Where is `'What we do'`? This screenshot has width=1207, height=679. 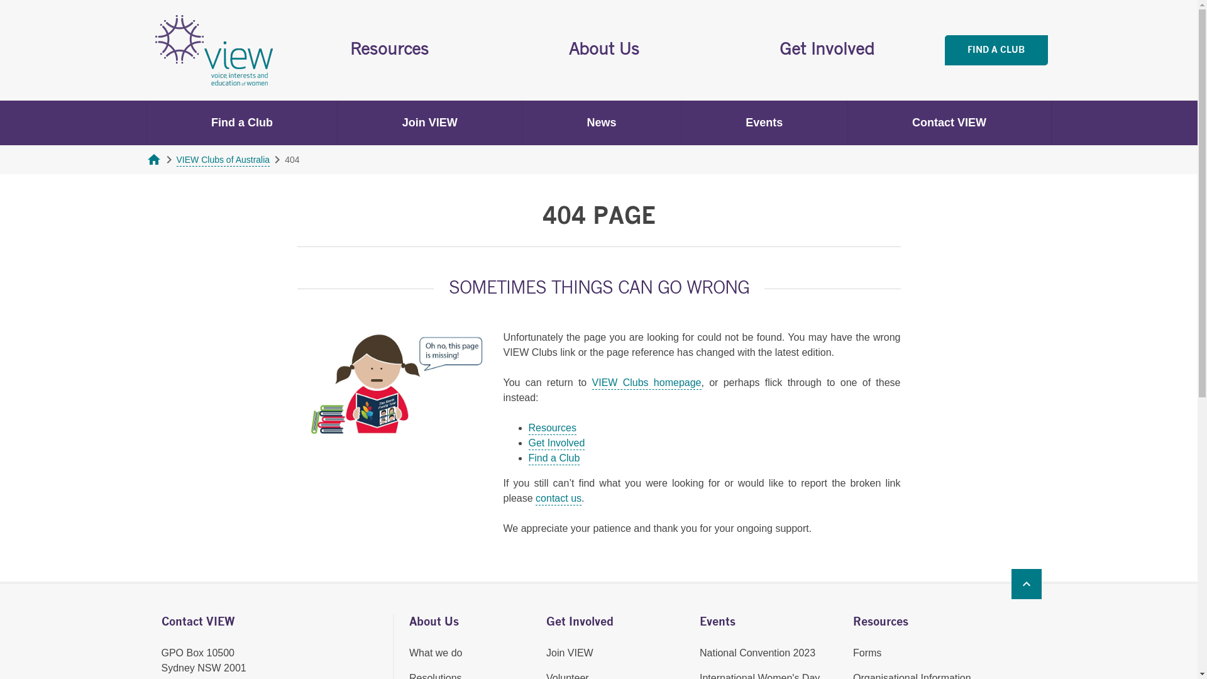 'What we do' is located at coordinates (409, 652).